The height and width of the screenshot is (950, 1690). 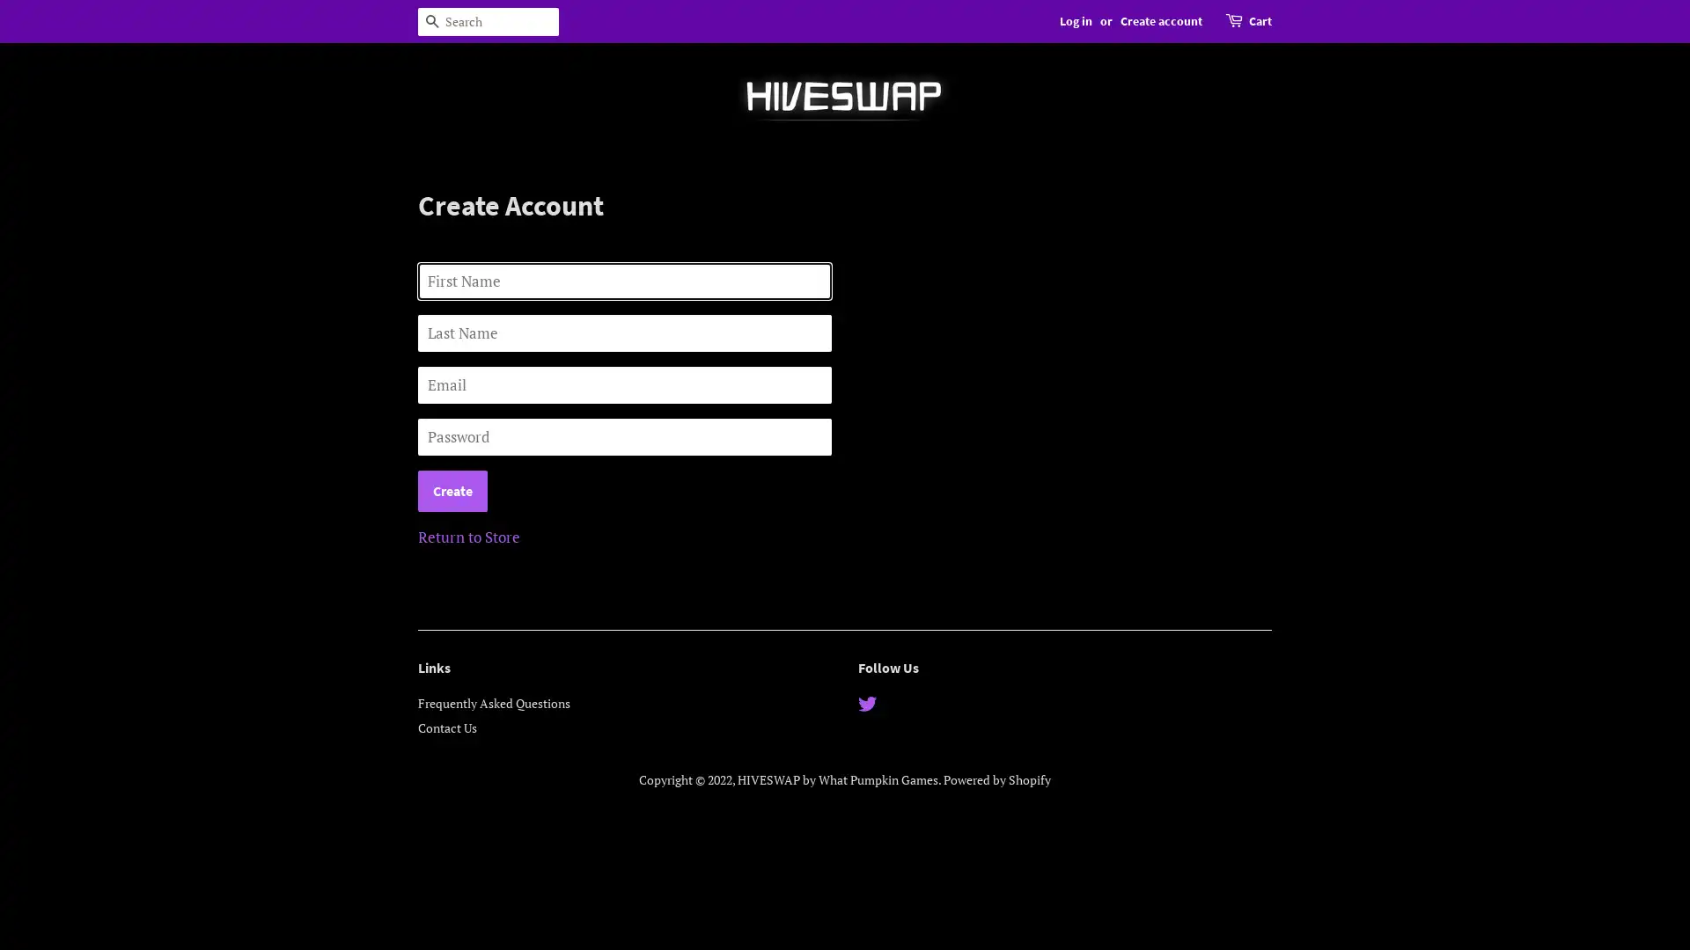 I want to click on Create, so click(x=452, y=491).